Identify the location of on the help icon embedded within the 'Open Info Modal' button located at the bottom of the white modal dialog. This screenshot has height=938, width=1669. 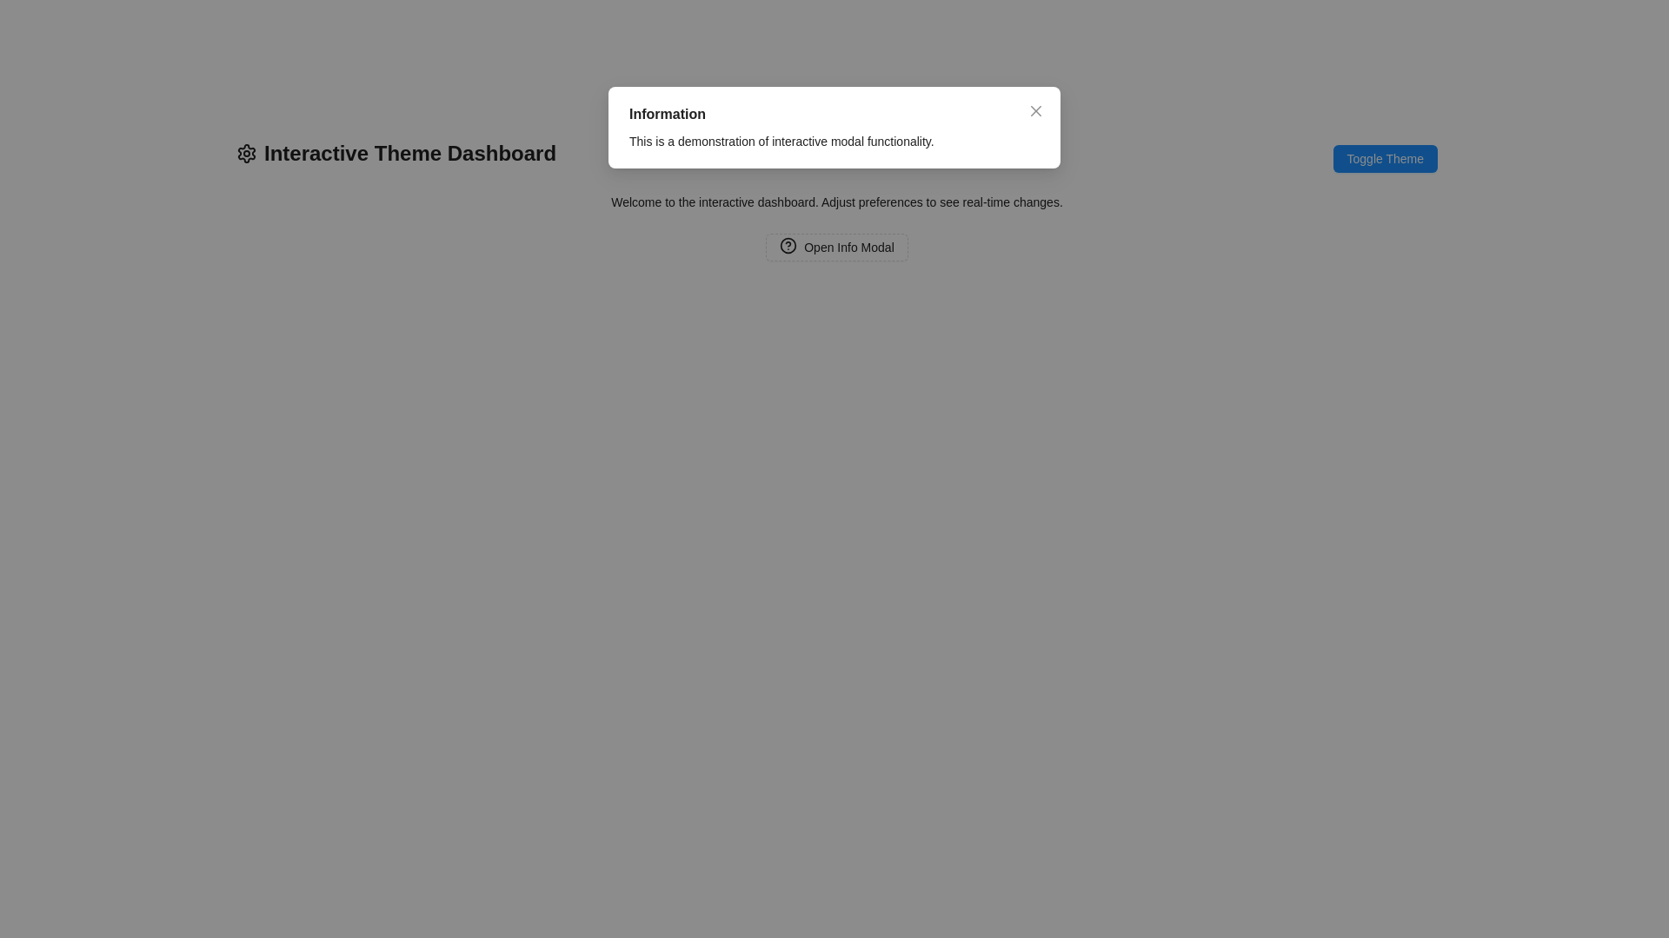
(788, 245).